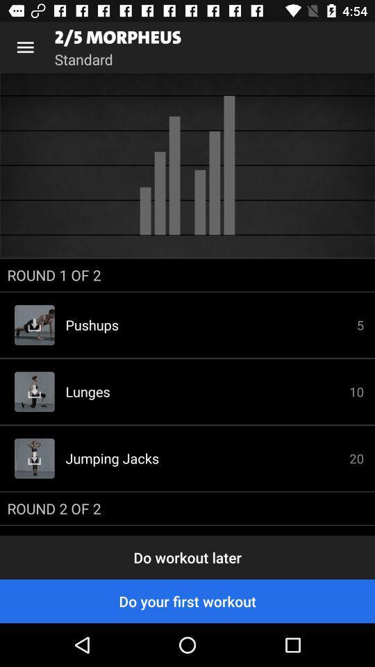 Image resolution: width=375 pixels, height=667 pixels. I want to click on the third download icon which is left side of the text jumping jacks, so click(35, 458).